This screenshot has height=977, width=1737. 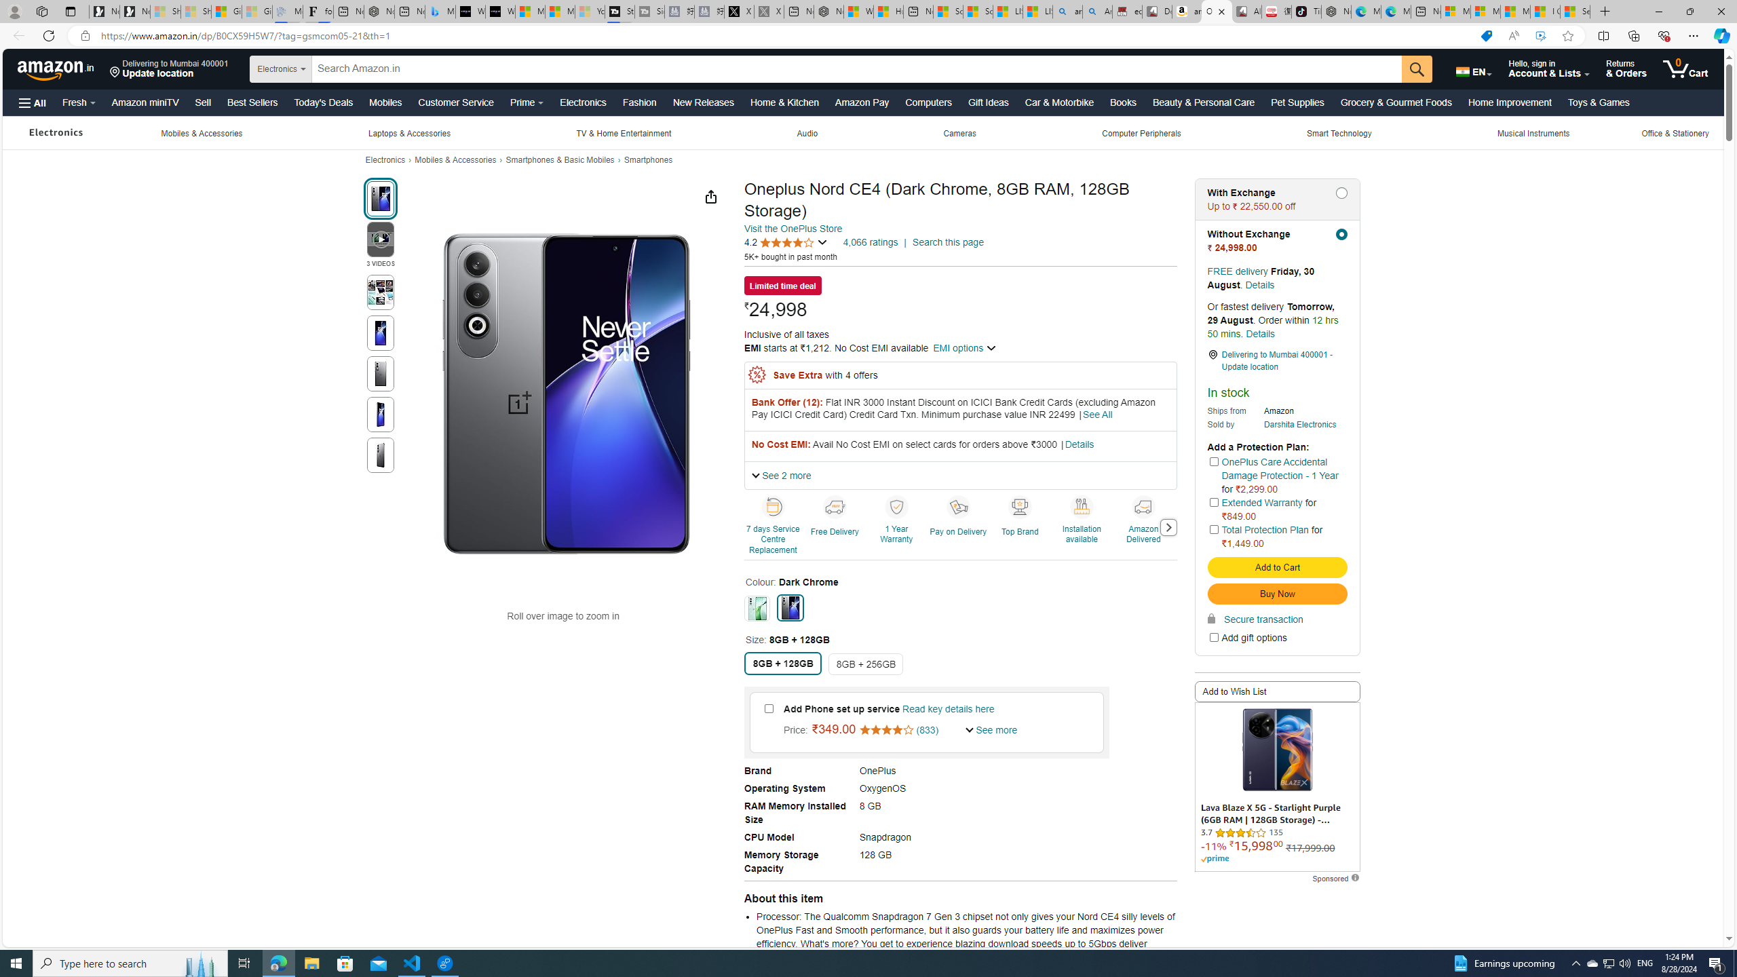 I want to click on '8GB + 256GB', so click(x=865, y=663).